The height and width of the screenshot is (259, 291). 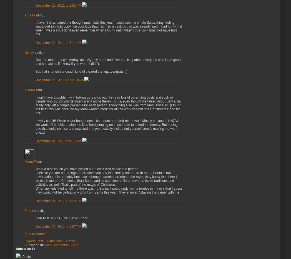 What do you see at coordinates (29, 15) in the screenshot?
I see `'Andrea'` at bounding box center [29, 15].